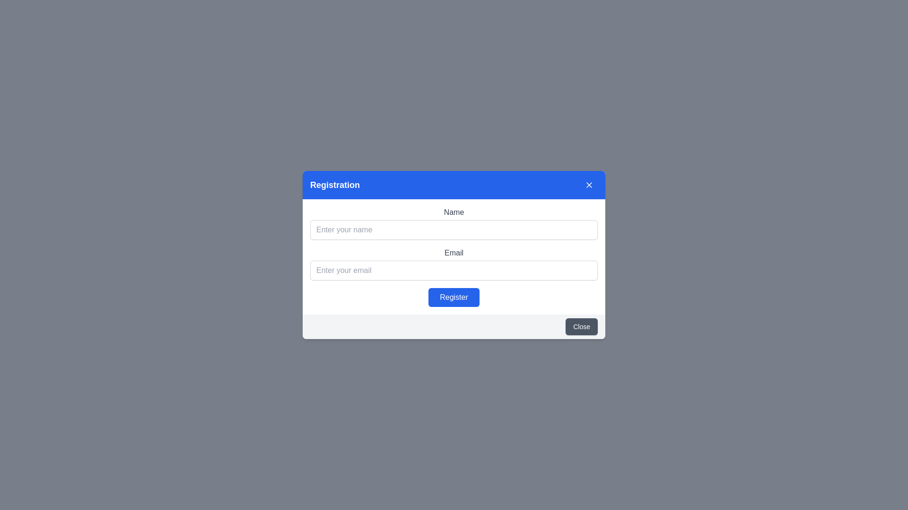  What do you see at coordinates (588, 185) in the screenshot?
I see `the 'X' close icon located in the top-right corner of the blue bar in the registration modal` at bounding box center [588, 185].